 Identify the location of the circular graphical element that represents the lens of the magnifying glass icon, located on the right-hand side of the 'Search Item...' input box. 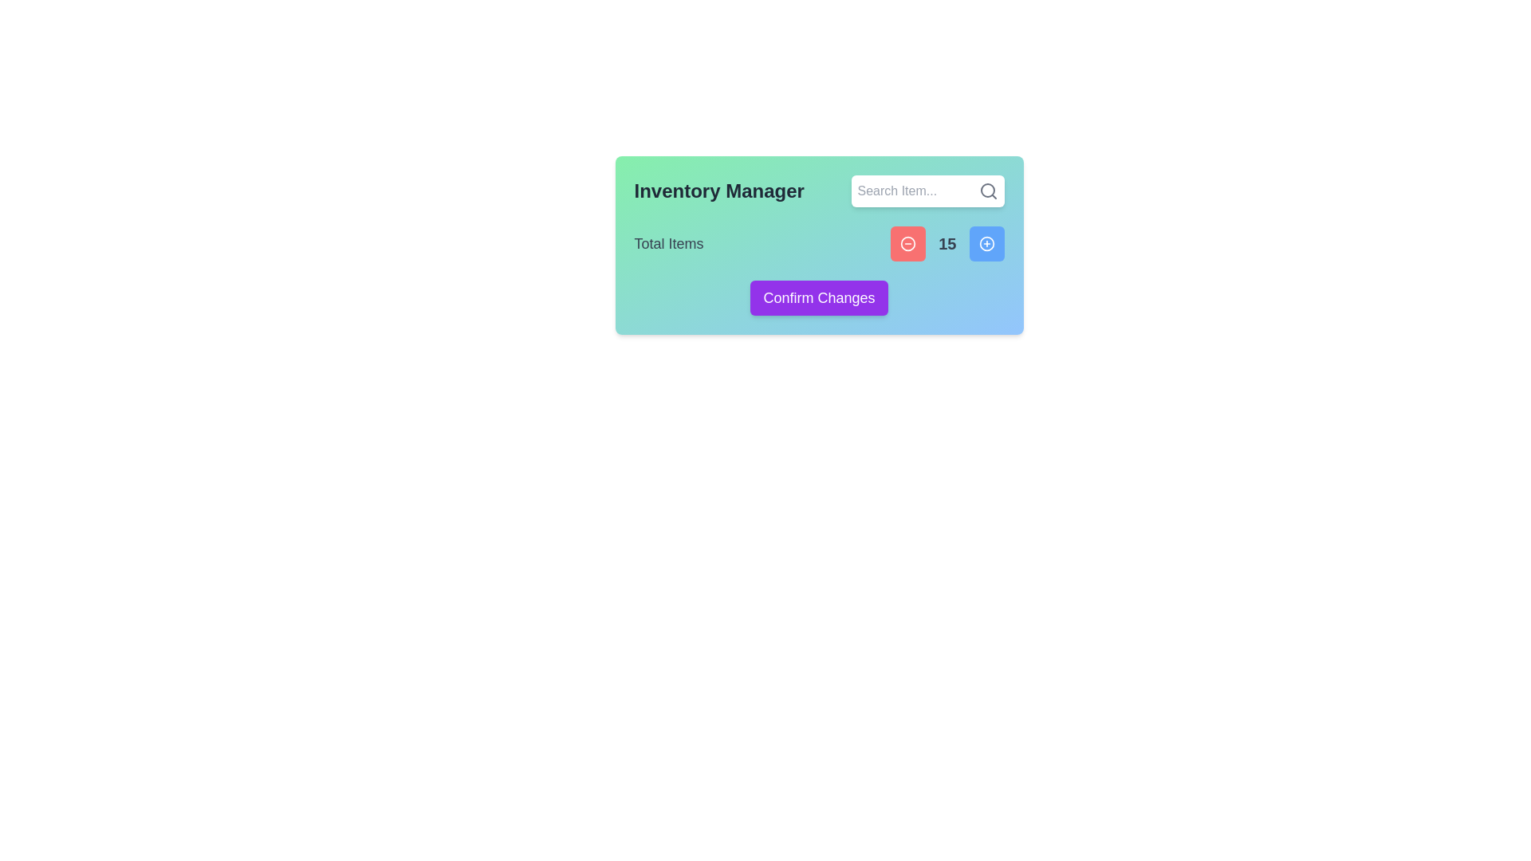
(986, 190).